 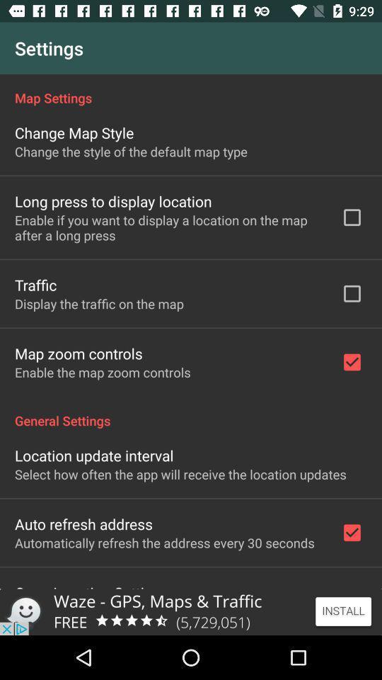 What do you see at coordinates (180, 474) in the screenshot?
I see `the app above auto refresh address app` at bounding box center [180, 474].